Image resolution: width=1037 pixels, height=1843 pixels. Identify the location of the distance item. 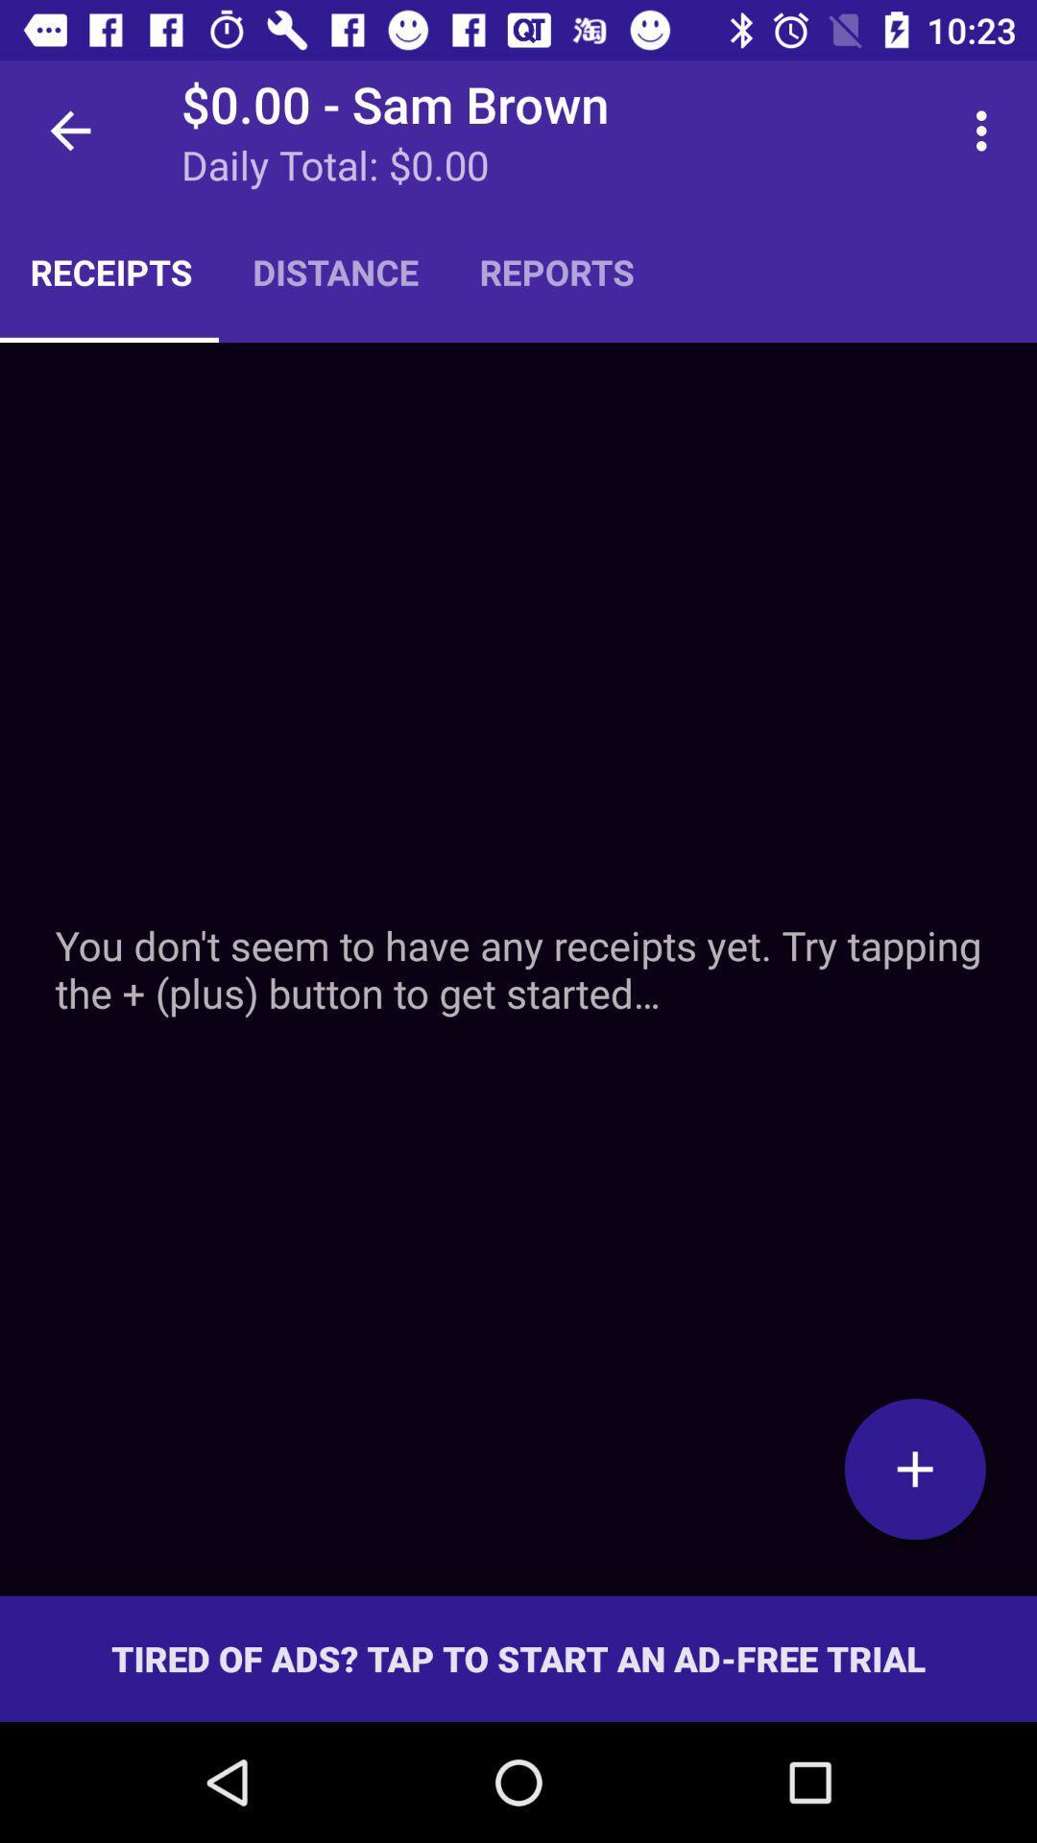
(334, 271).